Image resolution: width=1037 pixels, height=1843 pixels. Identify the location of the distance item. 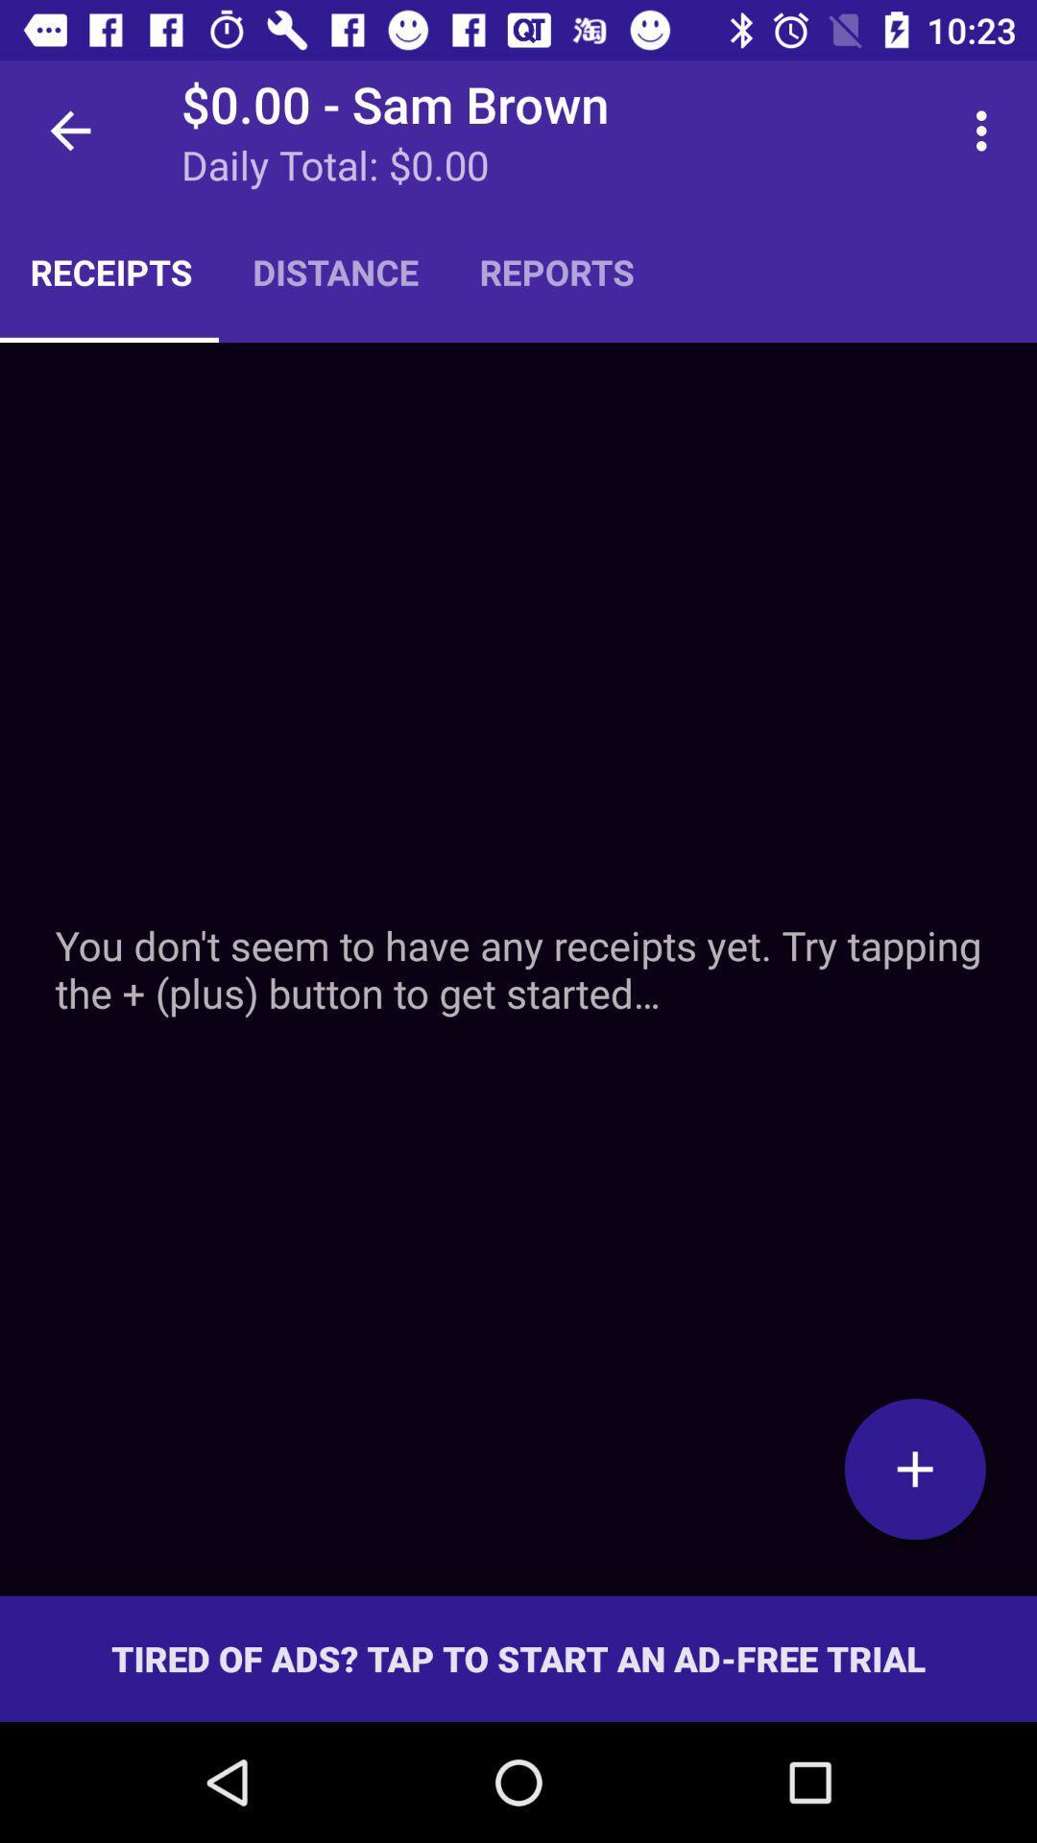
(334, 271).